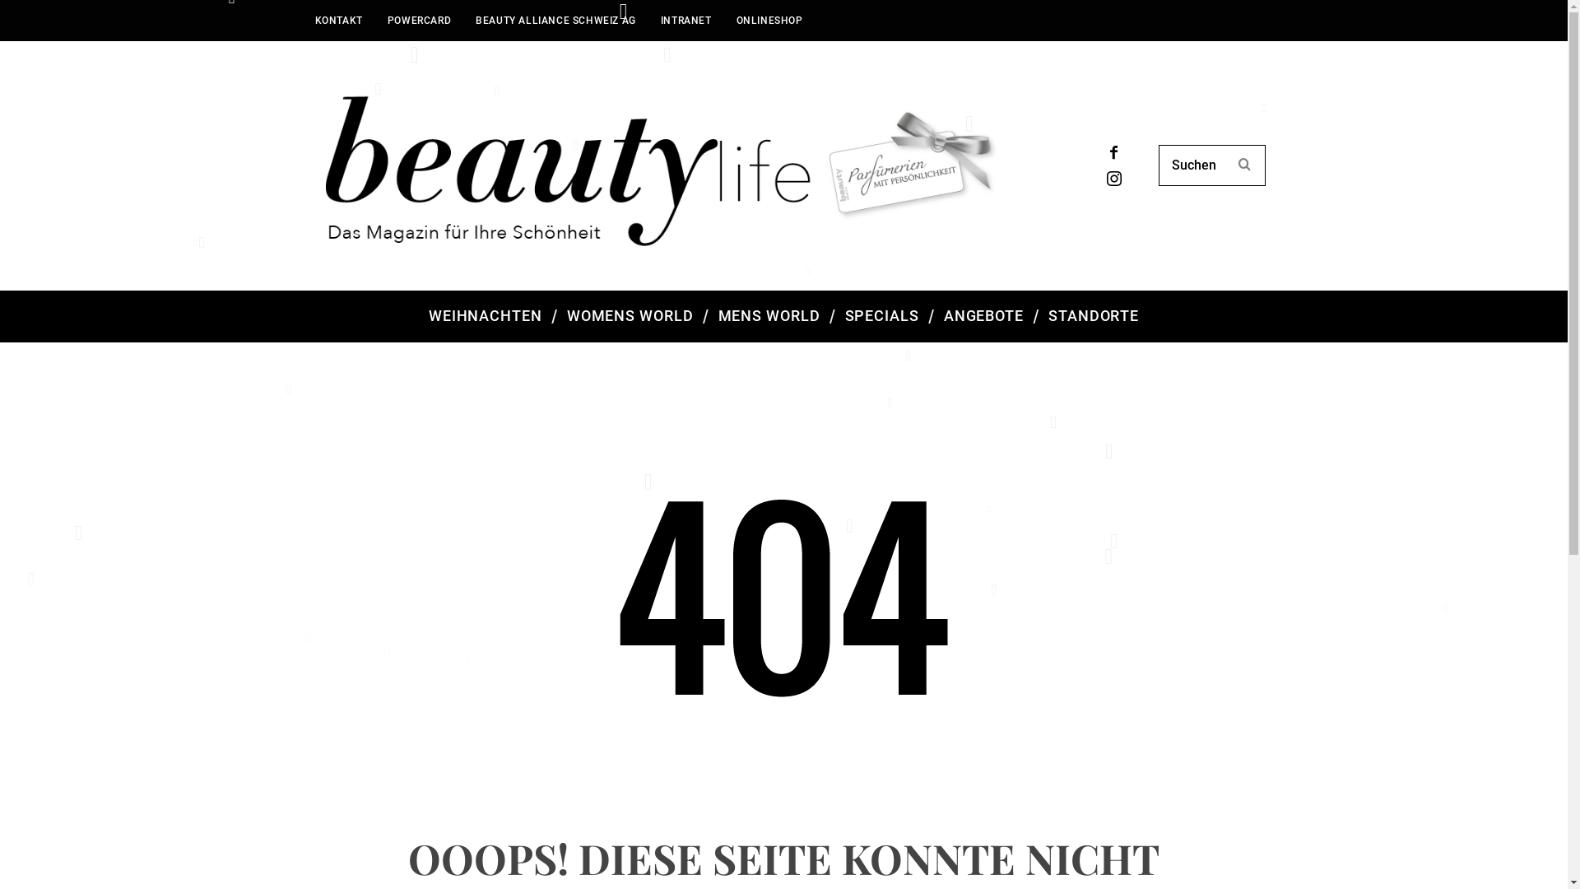  What do you see at coordinates (303, 20) in the screenshot?
I see `'KONTAKT'` at bounding box center [303, 20].